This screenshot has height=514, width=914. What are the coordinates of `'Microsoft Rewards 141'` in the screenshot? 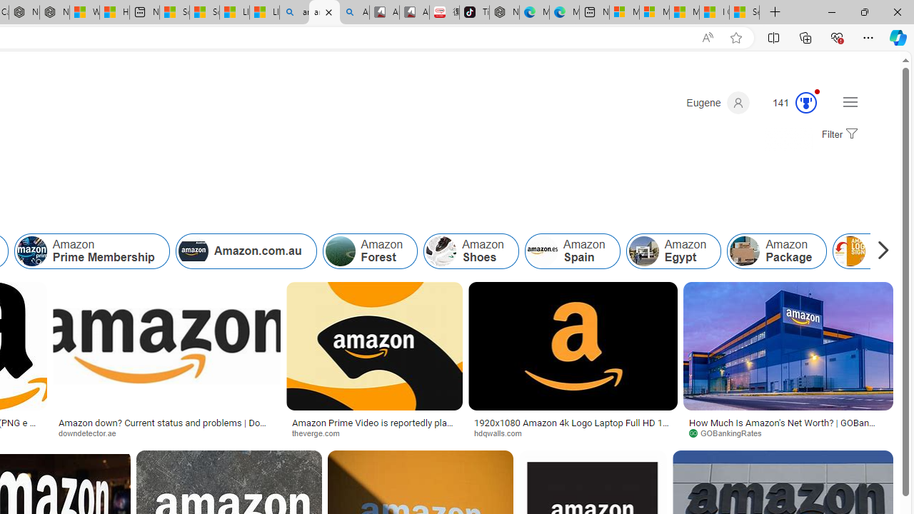 It's located at (788, 102).